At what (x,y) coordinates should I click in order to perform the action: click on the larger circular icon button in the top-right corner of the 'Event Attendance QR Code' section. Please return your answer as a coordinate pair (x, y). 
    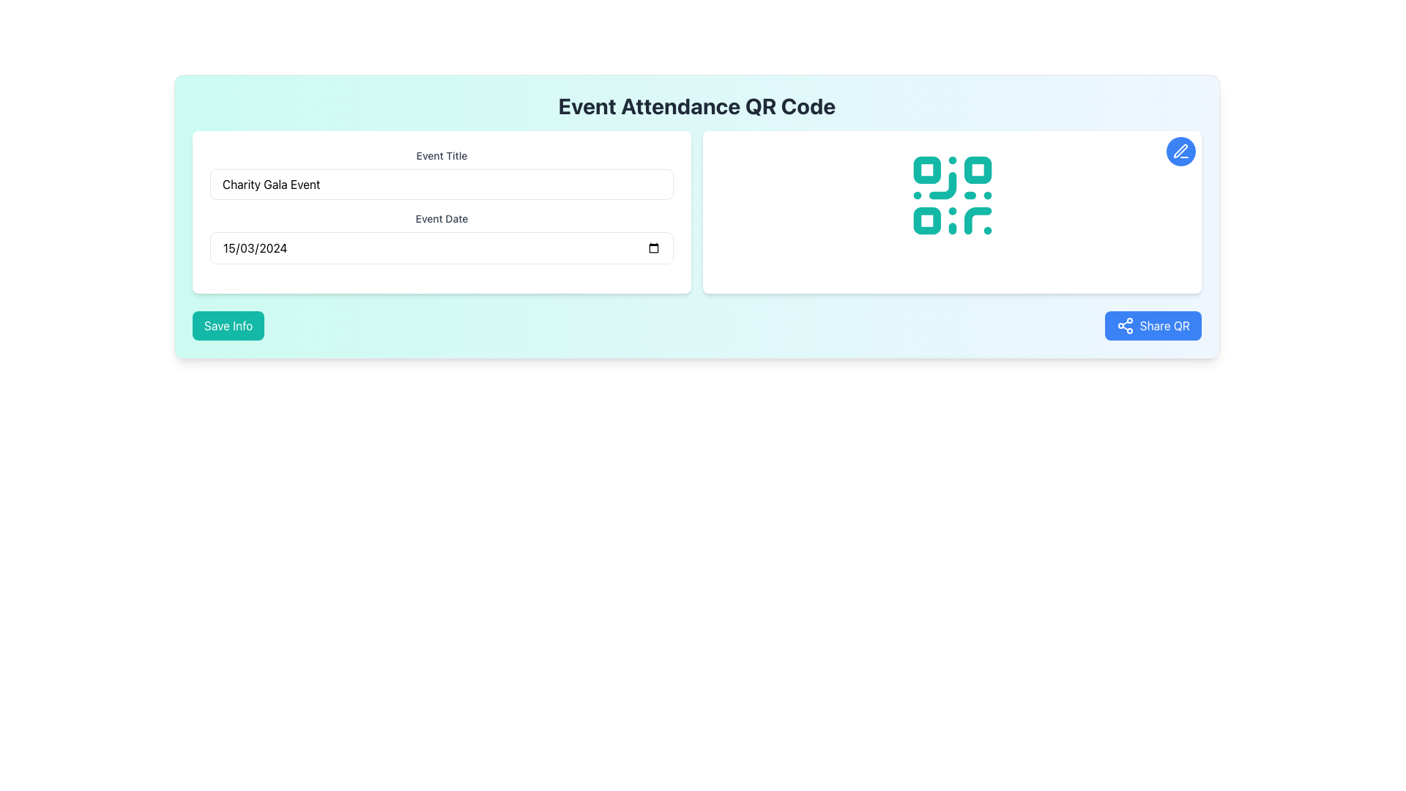
    Looking at the image, I should click on (1180, 151).